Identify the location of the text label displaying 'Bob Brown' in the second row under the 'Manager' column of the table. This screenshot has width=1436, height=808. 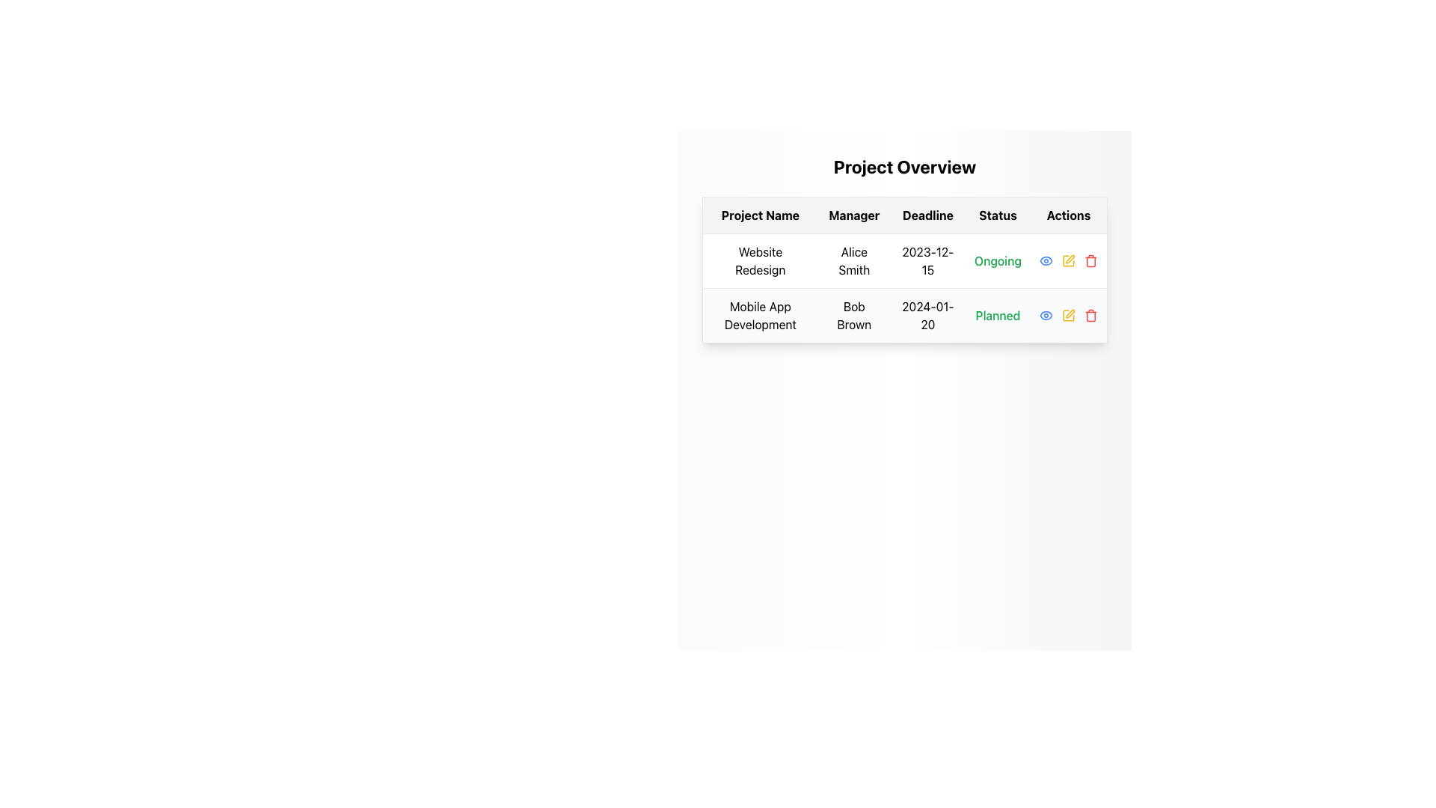
(854, 314).